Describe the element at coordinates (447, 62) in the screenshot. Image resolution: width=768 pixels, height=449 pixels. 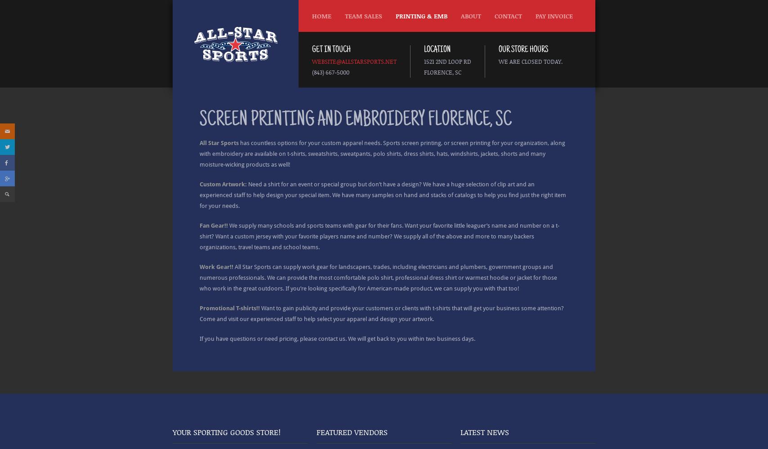
I see `'1521 2nd Loop Rd'` at that location.